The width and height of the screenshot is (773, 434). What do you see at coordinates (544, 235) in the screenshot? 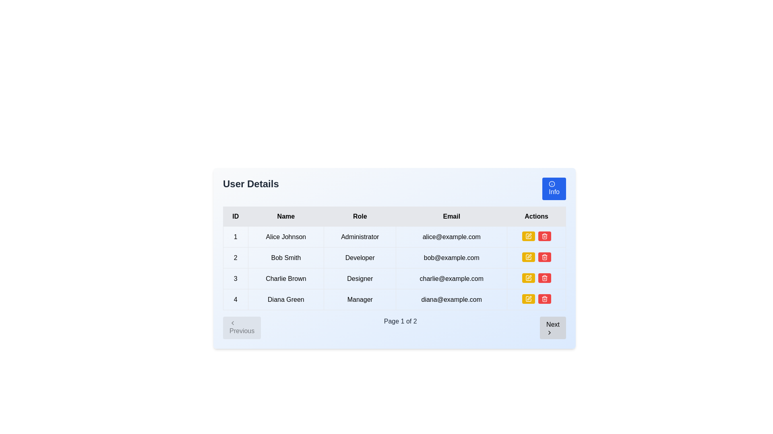
I see `the red button with rounded corners and a trash can icon, located in the second row under the 'Actions' column` at bounding box center [544, 235].